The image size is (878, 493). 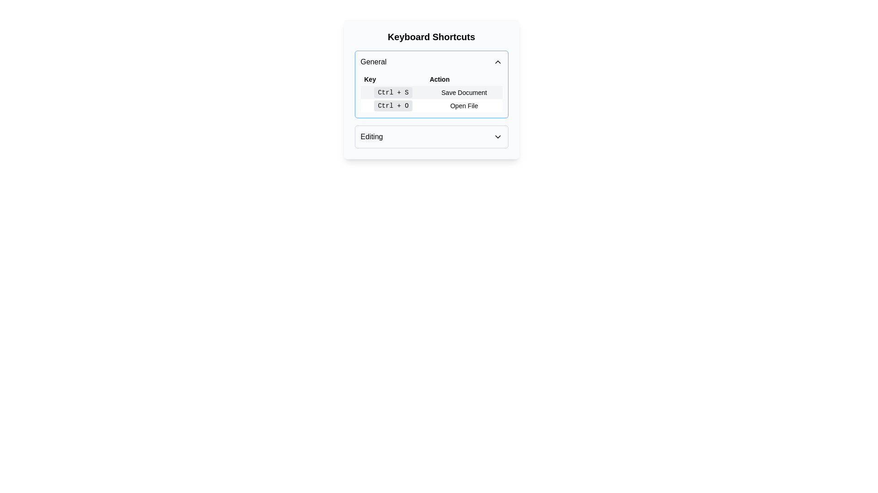 I want to click on the Dropdown indicator icon that expands or collapses the menu related to 'Editing' text, so click(x=497, y=137).